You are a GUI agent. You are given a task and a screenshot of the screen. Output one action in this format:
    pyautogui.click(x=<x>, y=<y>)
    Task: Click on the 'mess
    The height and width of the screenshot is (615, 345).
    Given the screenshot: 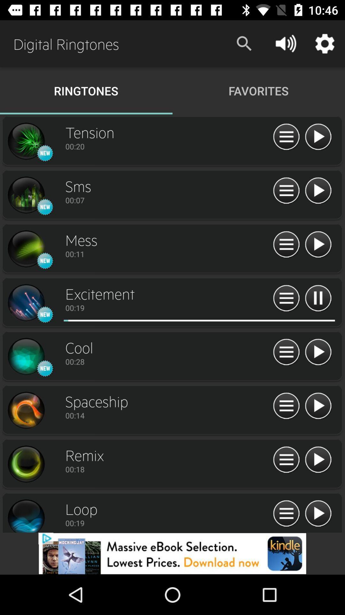 What is the action you would take?
    pyautogui.click(x=318, y=244)
    